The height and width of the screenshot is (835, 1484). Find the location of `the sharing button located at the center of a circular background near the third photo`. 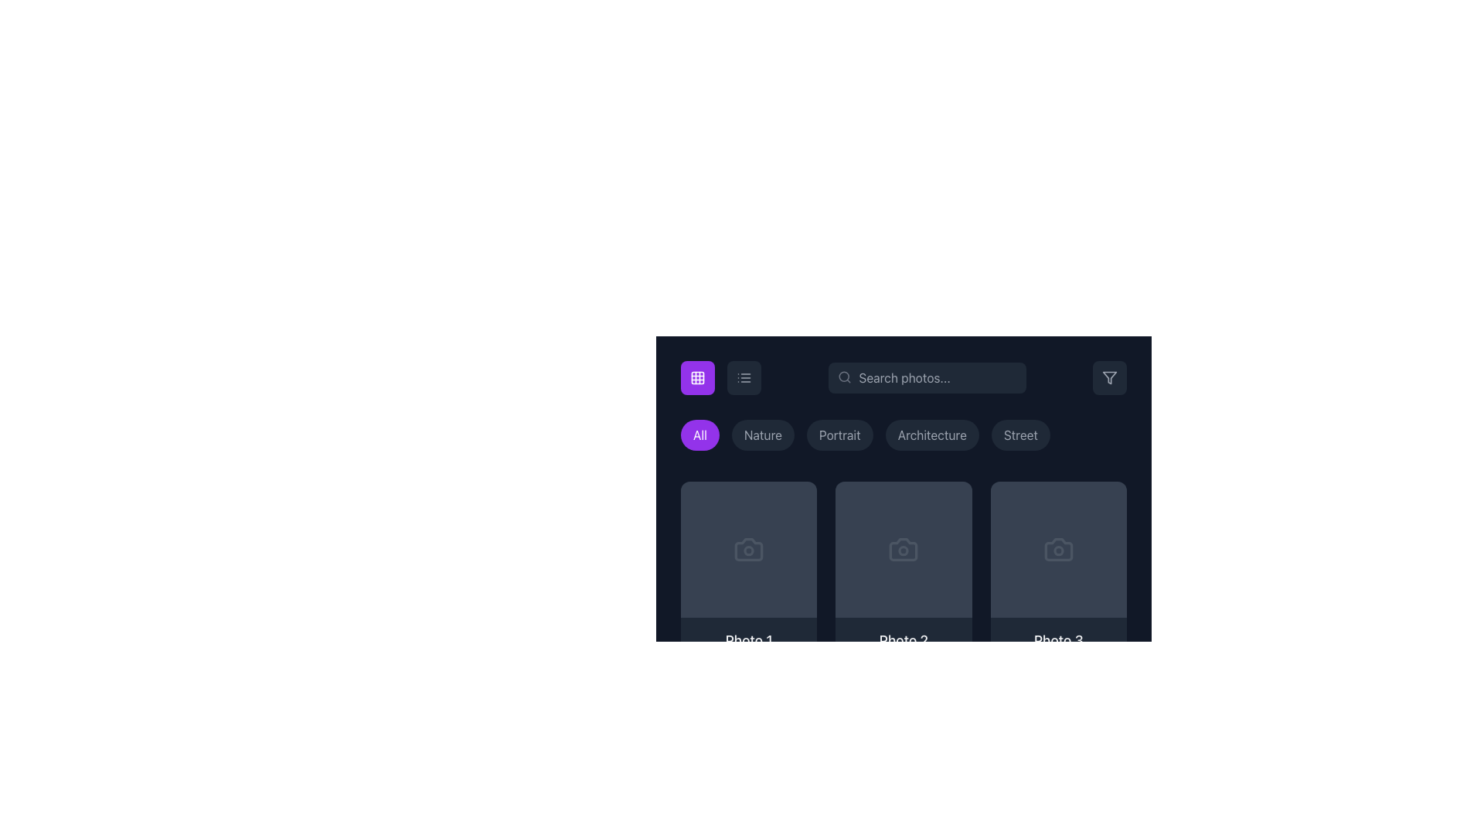

the sharing button located at the center of a circular background near the third photo is located at coordinates (1098, 549).